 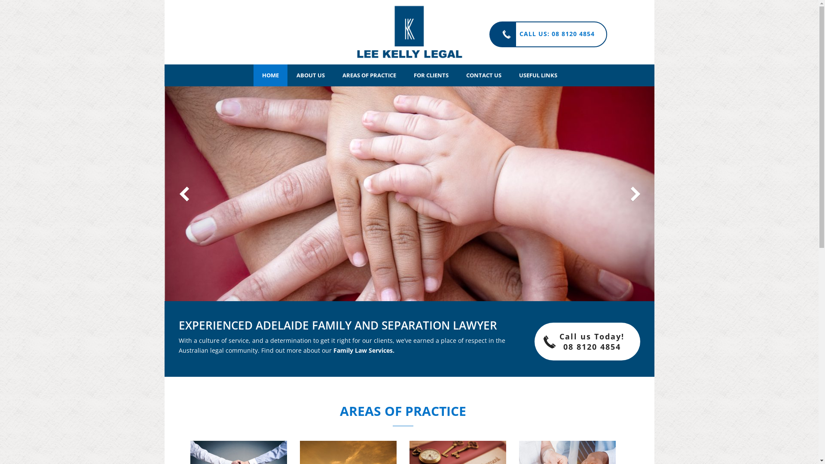 What do you see at coordinates (409, 31) in the screenshot?
I see `'Adelaide Family Lawyer'` at bounding box center [409, 31].